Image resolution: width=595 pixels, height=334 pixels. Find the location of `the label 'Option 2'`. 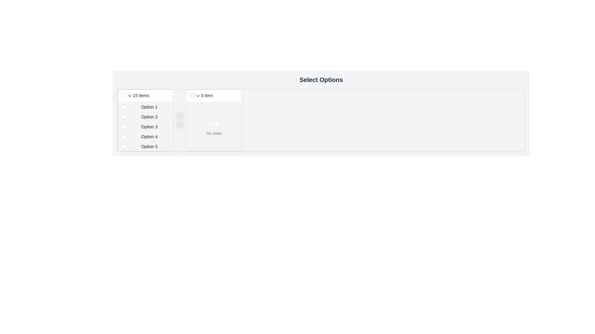

the label 'Option 2' is located at coordinates (145, 117).